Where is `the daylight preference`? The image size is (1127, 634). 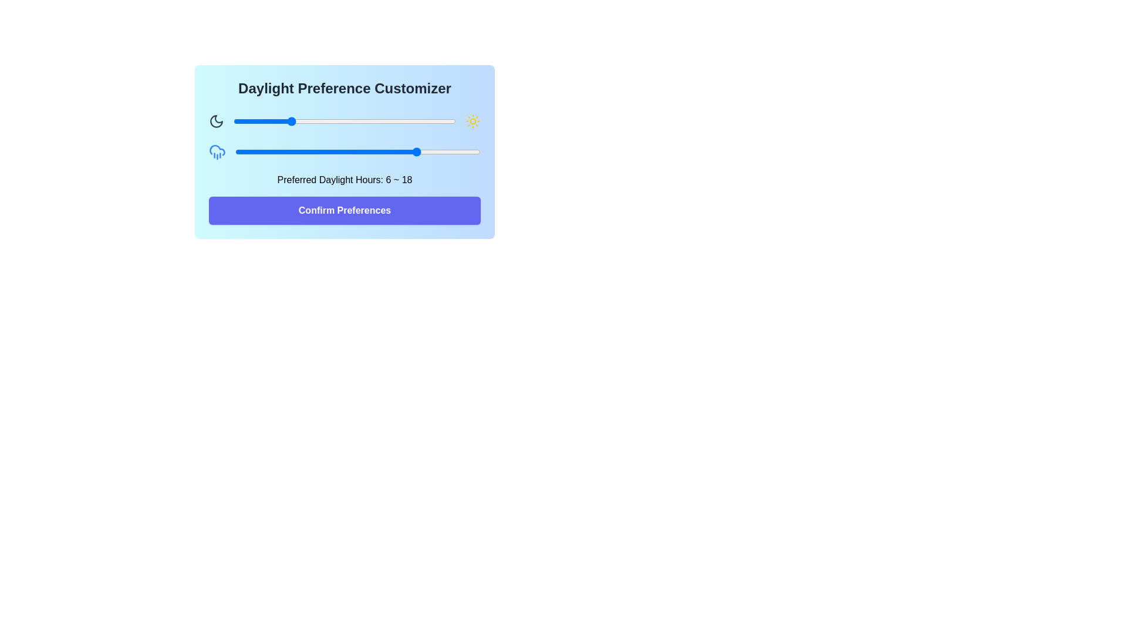
the daylight preference is located at coordinates (326, 122).